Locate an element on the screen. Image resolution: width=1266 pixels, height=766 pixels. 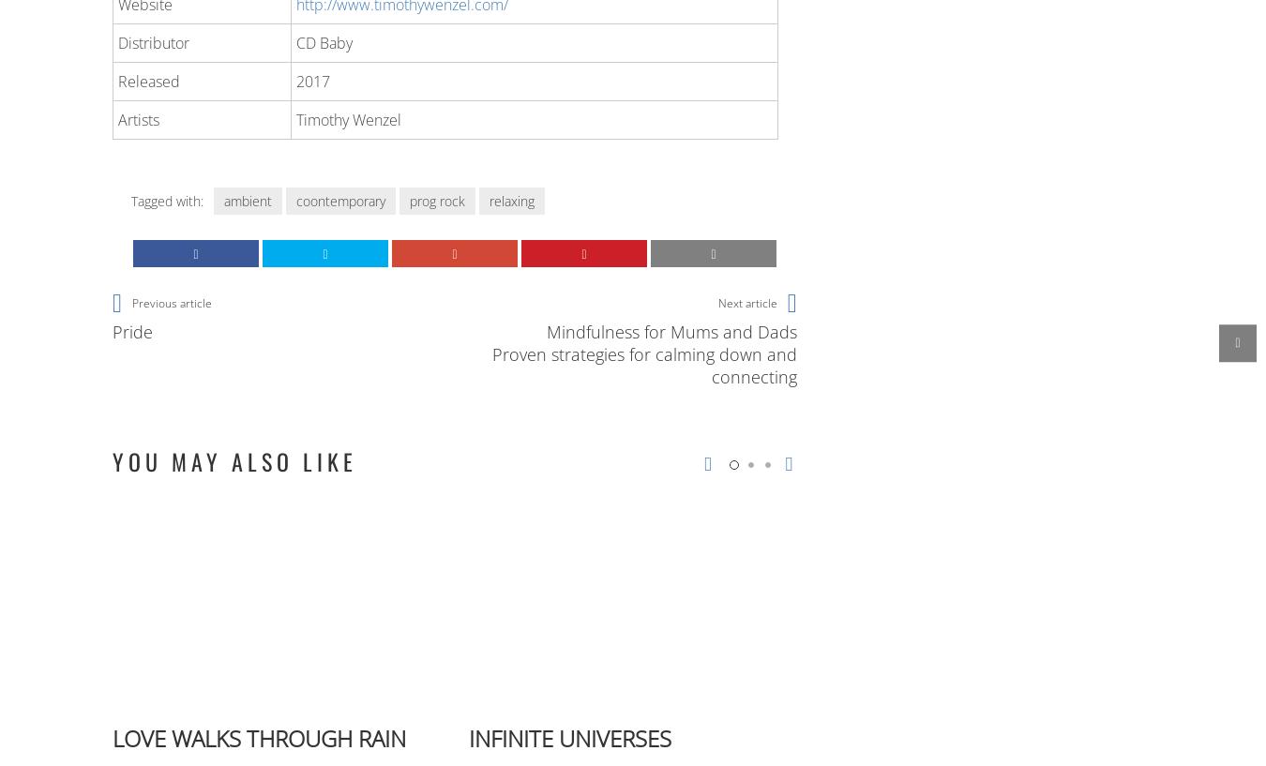
'Mindfulness for Mums and Dads Proven strategies for calming down and connecting' is located at coordinates (643, 352).